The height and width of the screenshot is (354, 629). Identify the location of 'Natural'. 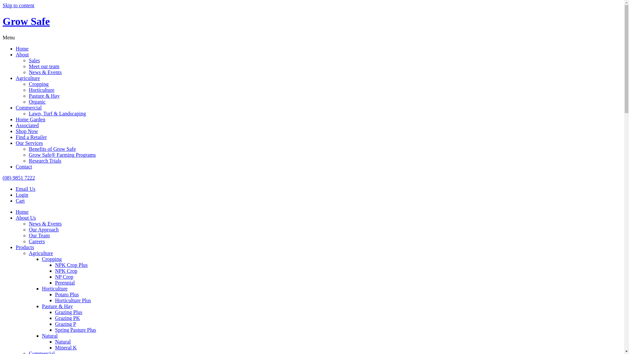
(42, 336).